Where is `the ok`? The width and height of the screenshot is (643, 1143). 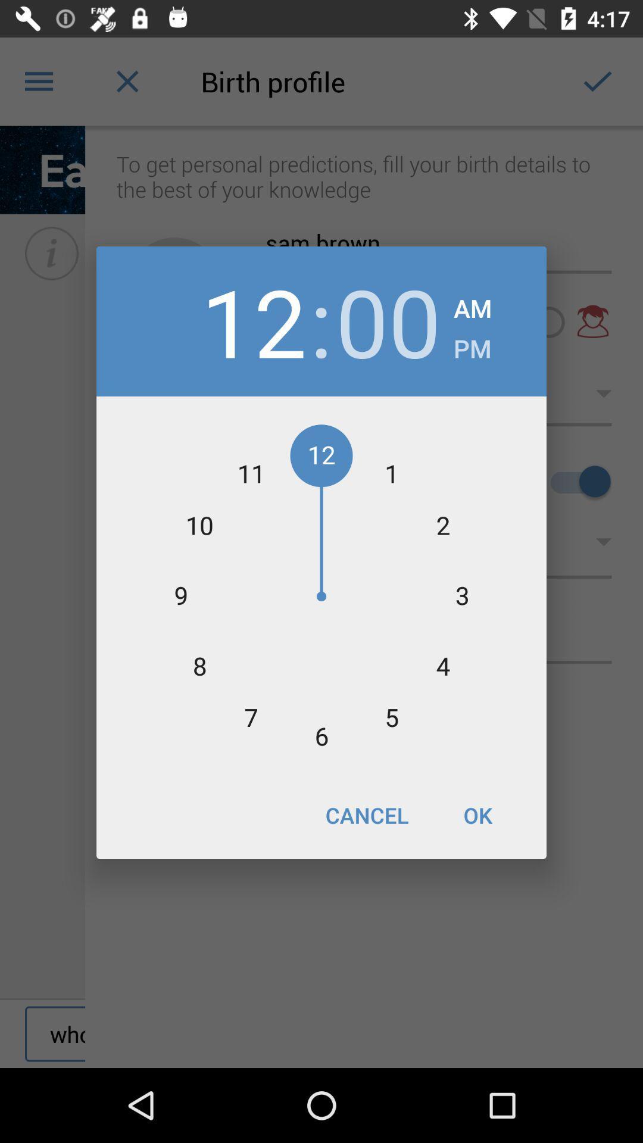 the ok is located at coordinates (477, 814).